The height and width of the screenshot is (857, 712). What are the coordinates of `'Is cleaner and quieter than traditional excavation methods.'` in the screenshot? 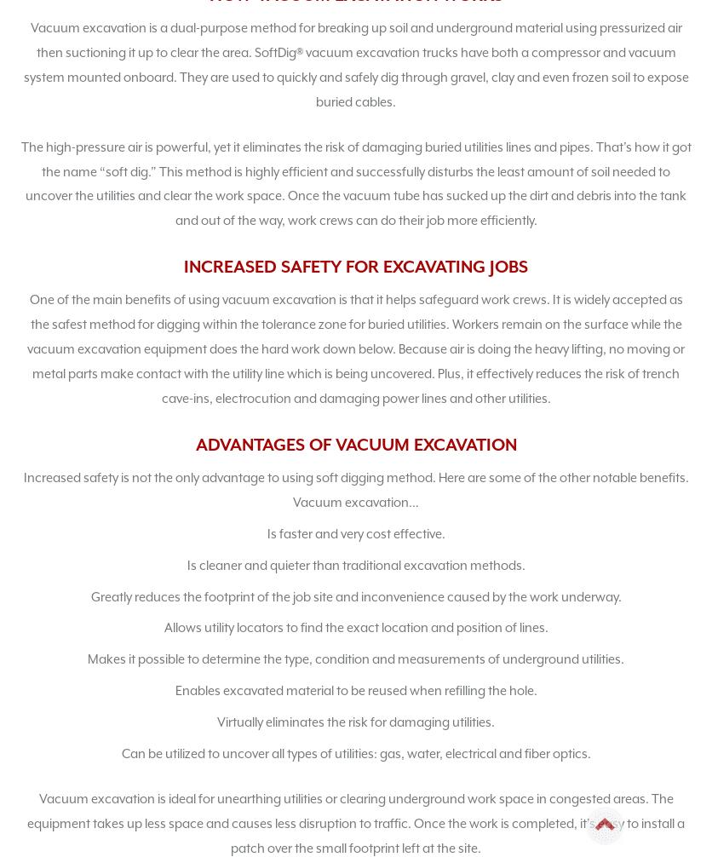 It's located at (354, 564).